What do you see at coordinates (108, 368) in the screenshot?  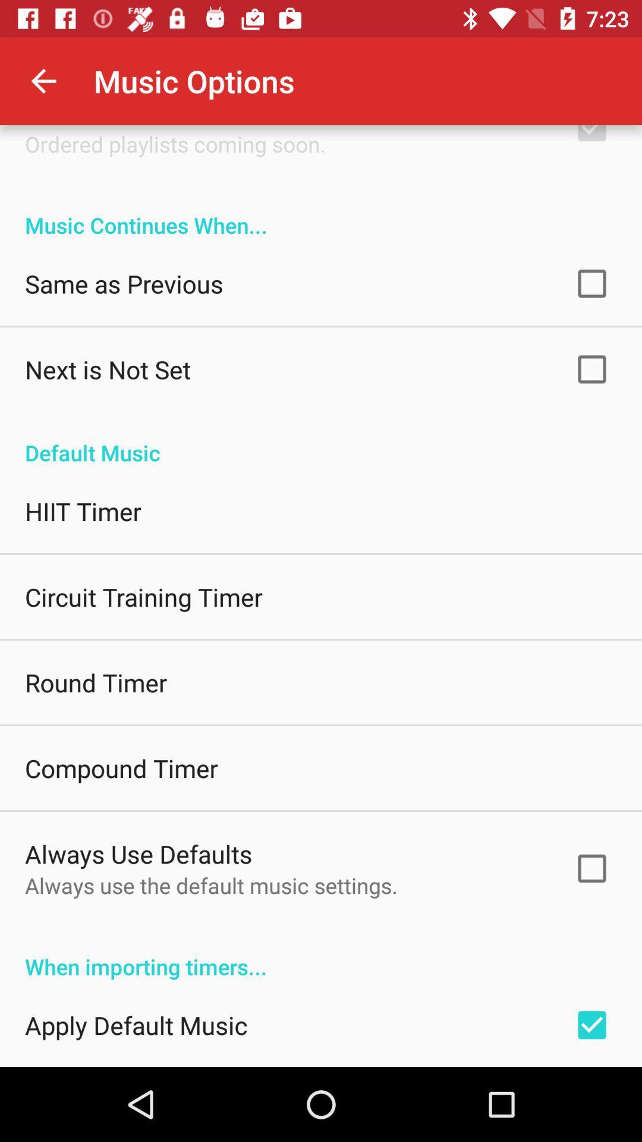 I see `icon below the same as previous item` at bounding box center [108, 368].